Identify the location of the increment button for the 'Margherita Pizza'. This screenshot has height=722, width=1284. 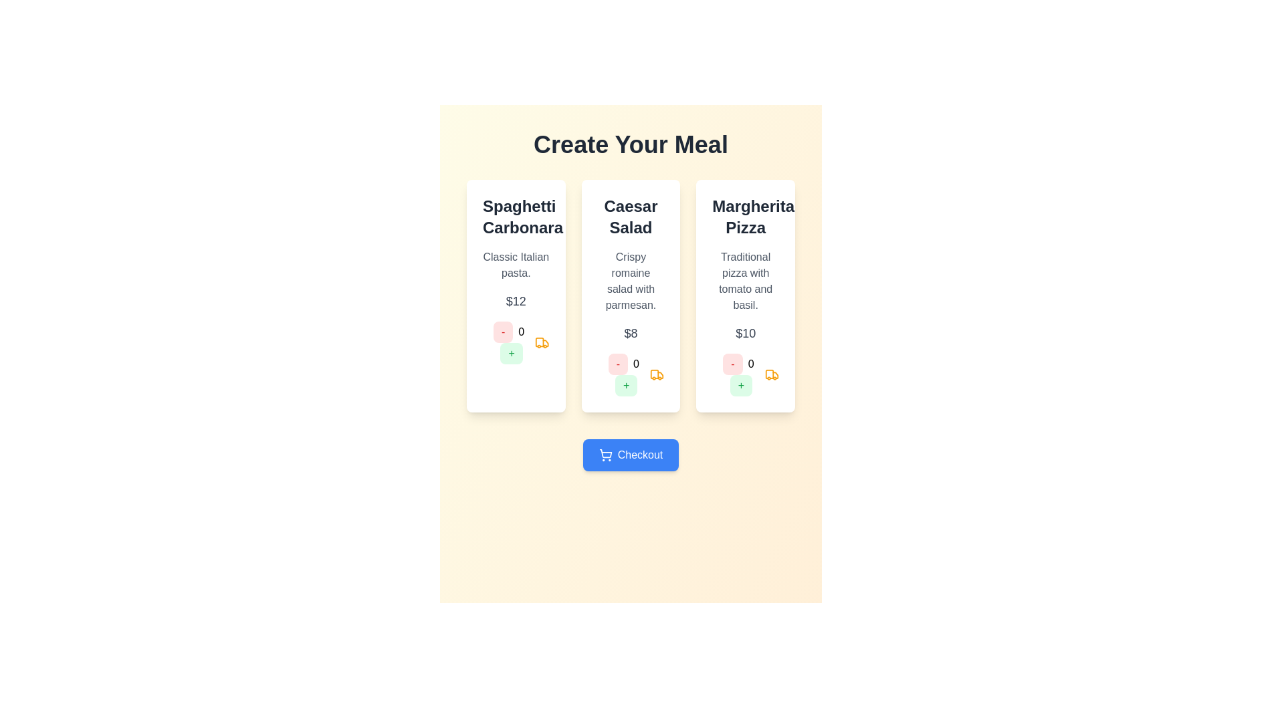
(740, 386).